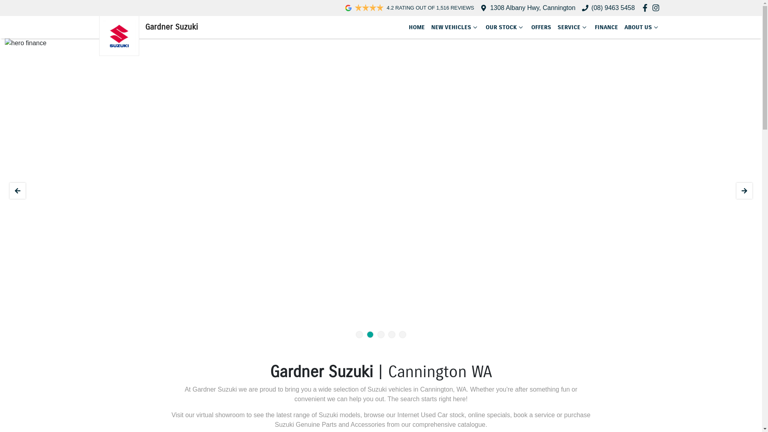 The image size is (768, 432). I want to click on '(08) 9463 5458', so click(613, 8).